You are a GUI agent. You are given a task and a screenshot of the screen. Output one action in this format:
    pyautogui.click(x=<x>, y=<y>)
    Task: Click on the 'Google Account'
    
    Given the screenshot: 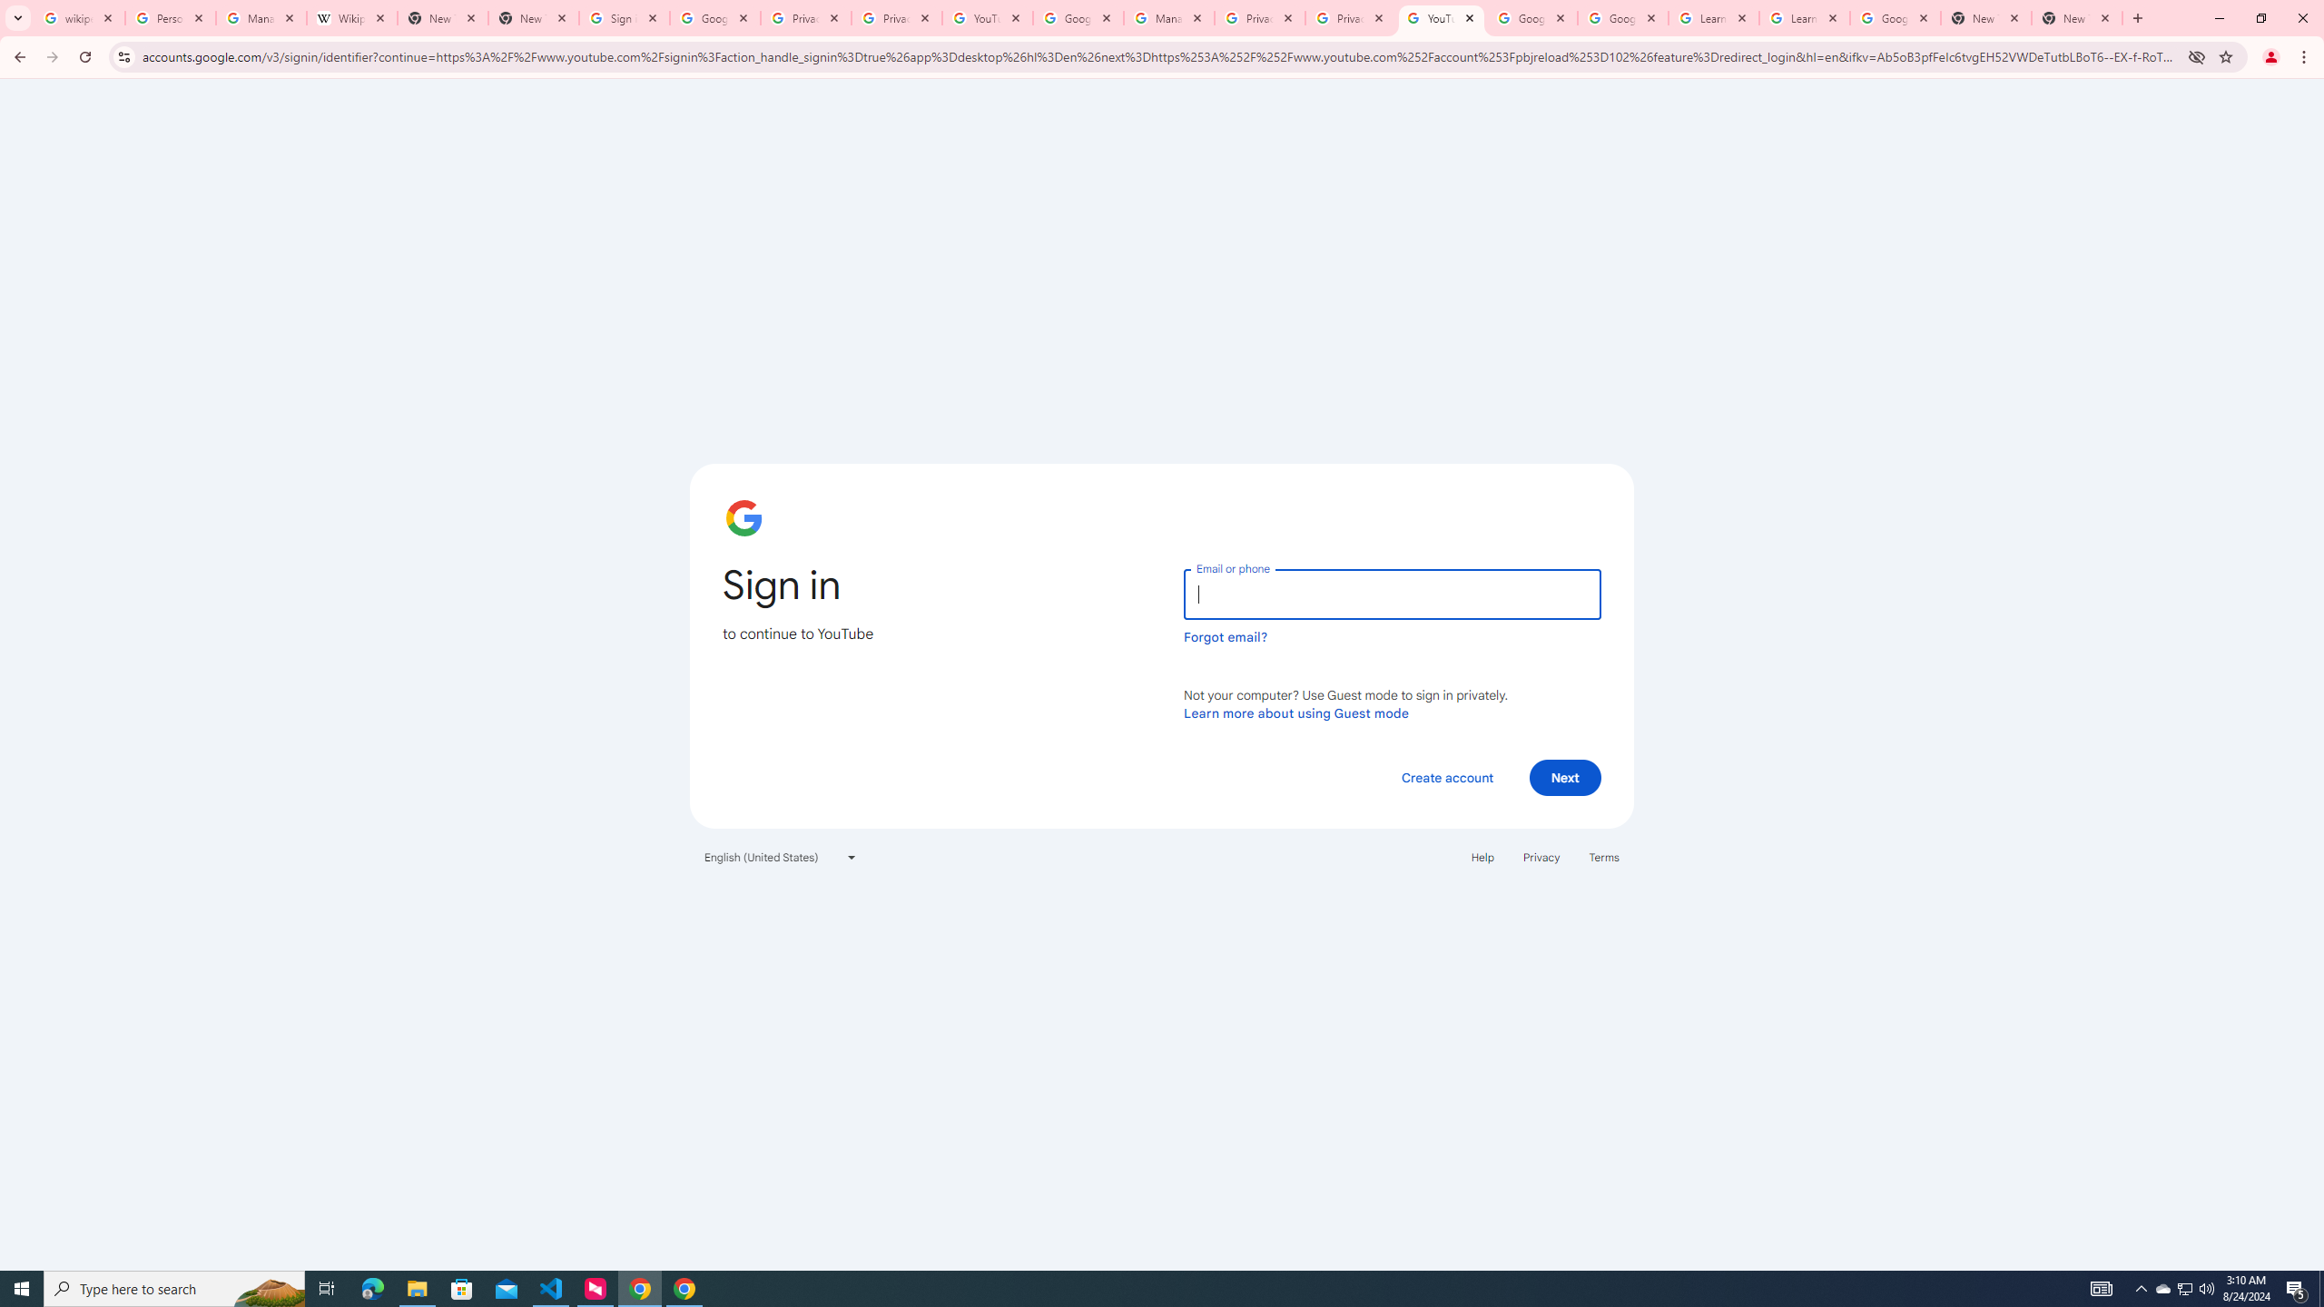 What is the action you would take?
    pyautogui.click(x=1895, y=17)
    